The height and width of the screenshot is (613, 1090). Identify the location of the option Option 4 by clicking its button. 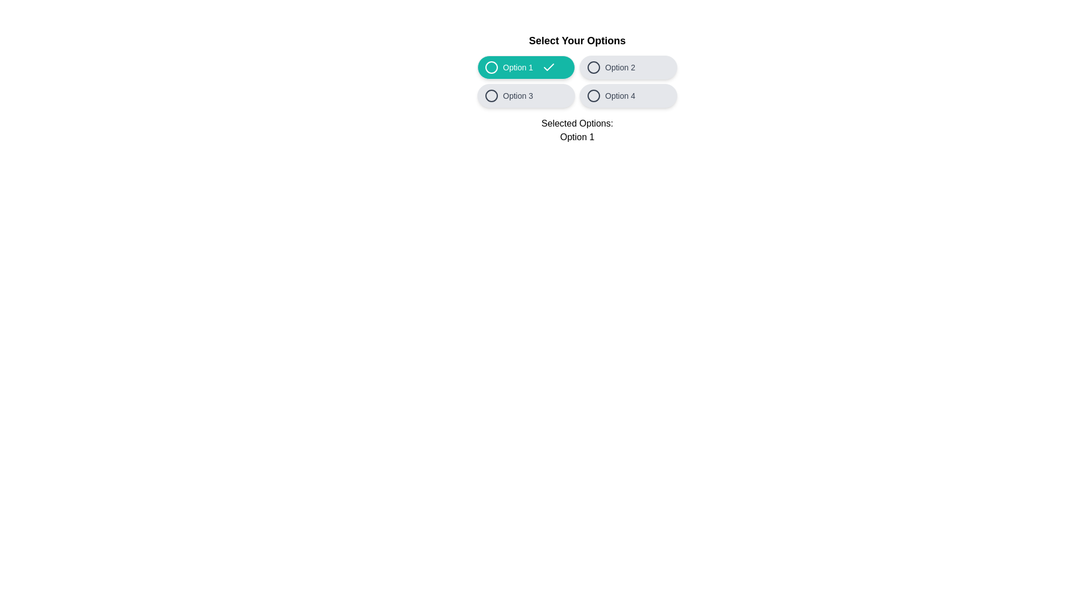
(628, 95).